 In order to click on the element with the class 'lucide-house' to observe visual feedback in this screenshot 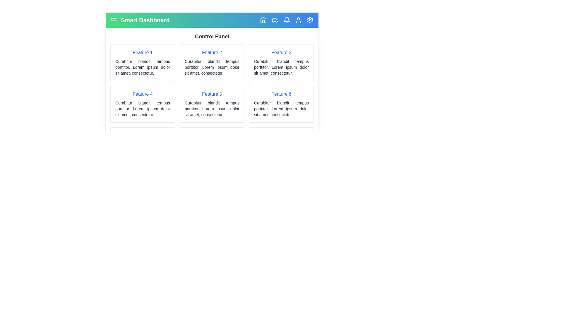, I will do `click(263, 20)`.